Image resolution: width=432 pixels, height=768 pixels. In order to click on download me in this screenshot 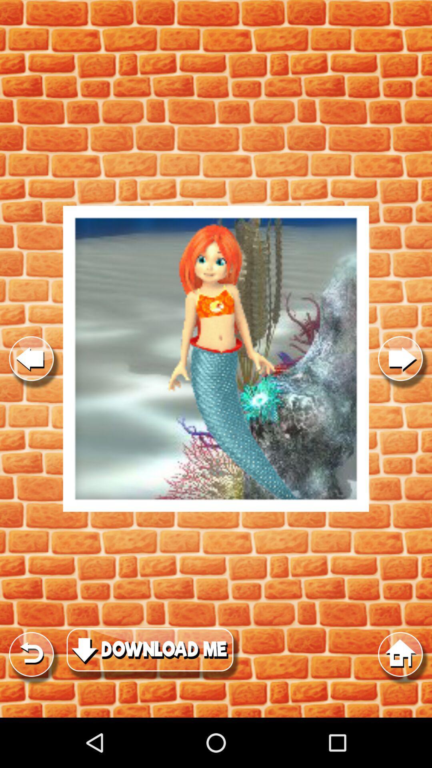, I will do `click(216, 358)`.